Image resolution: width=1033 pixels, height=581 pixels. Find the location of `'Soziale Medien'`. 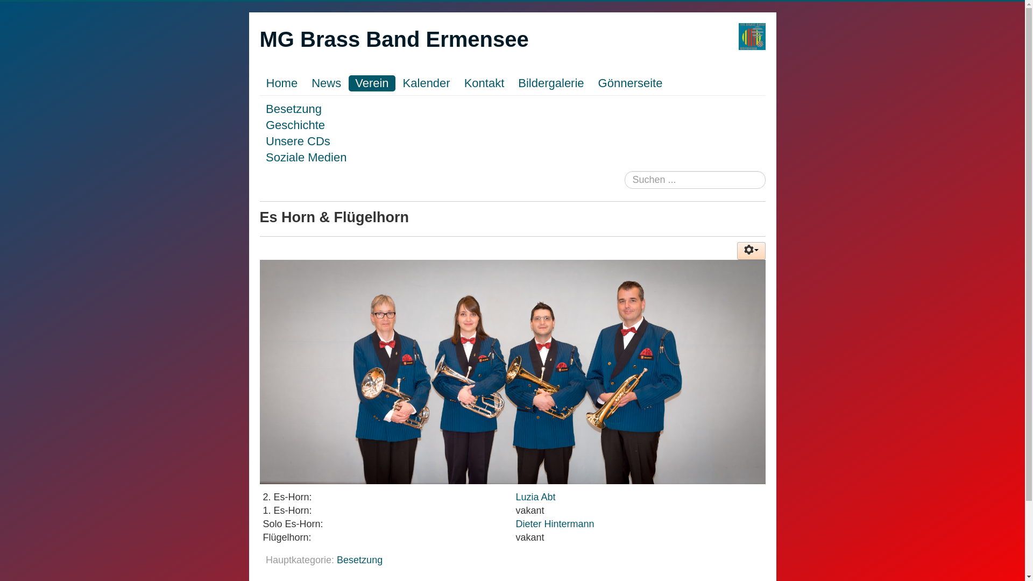

'Soziale Medien' is located at coordinates (306, 157).